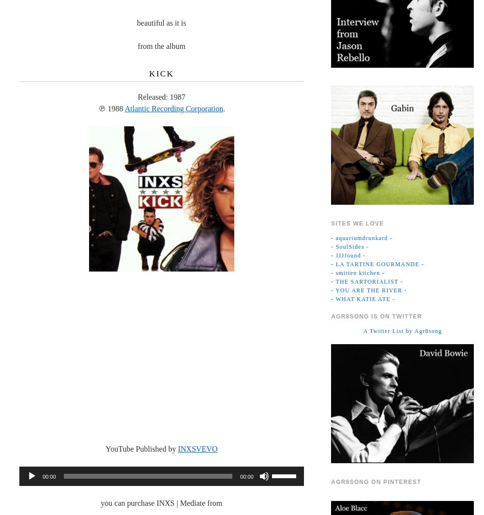  What do you see at coordinates (357, 223) in the screenshot?
I see `'Sites we Love'` at bounding box center [357, 223].